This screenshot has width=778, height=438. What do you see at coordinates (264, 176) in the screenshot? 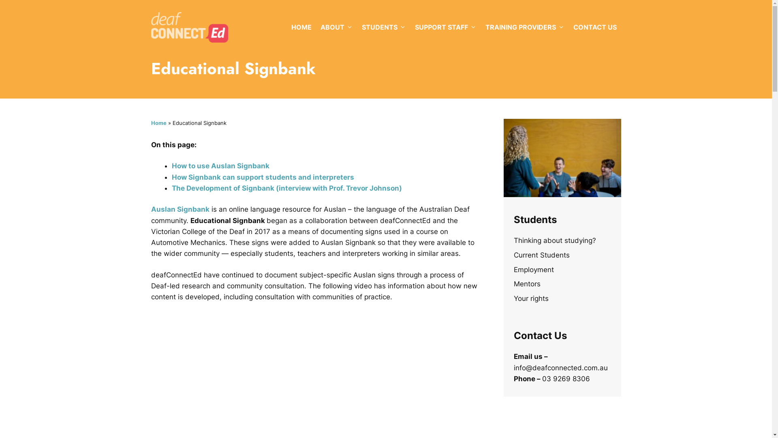
I see `'How Signbank can support students and interpreters '` at bounding box center [264, 176].